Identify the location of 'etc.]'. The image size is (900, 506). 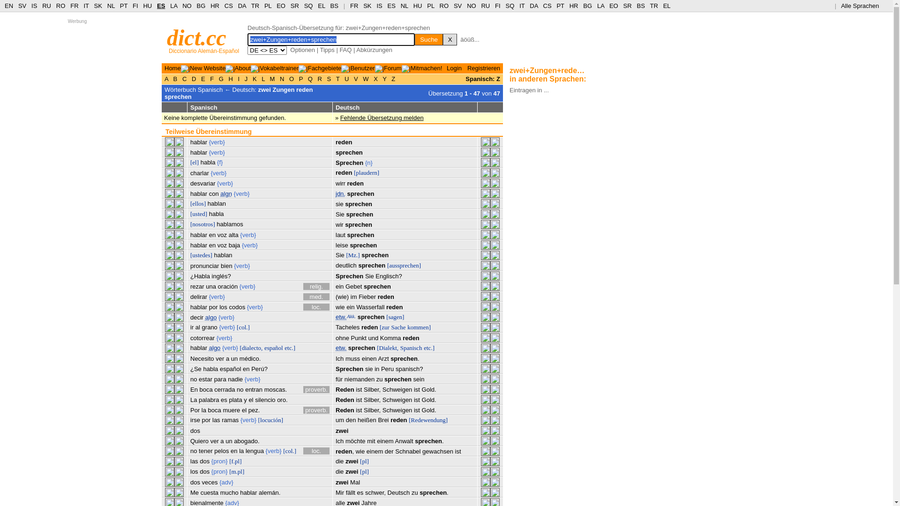
(289, 348).